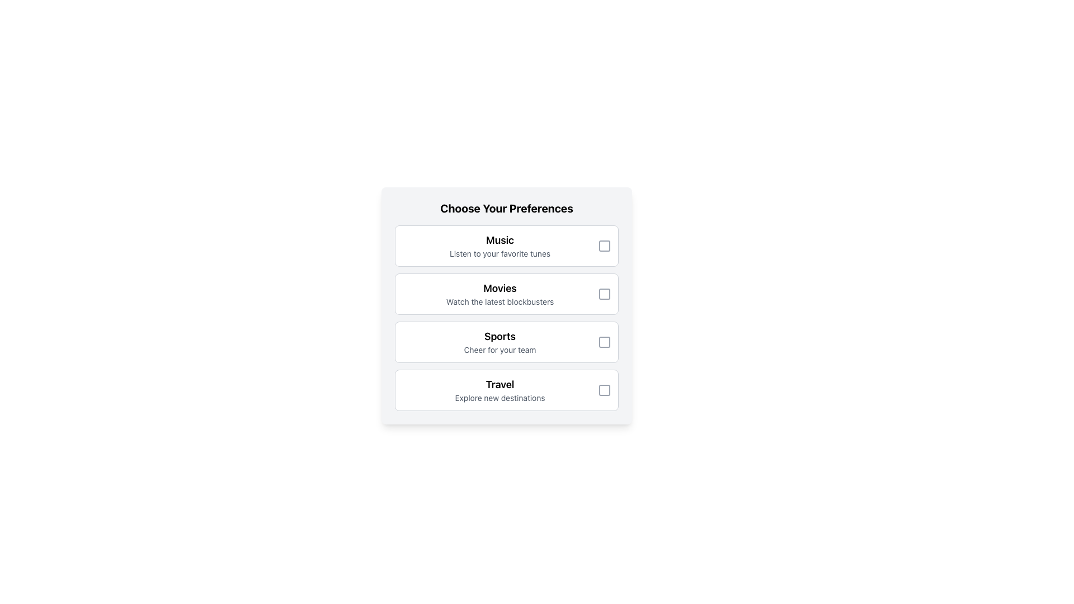 The width and height of the screenshot is (1074, 604). Describe the element at coordinates (499, 288) in the screenshot. I see `the title text element that serves as a header for the section, located above the description text 'Watch the latest blockbusters.'` at that location.